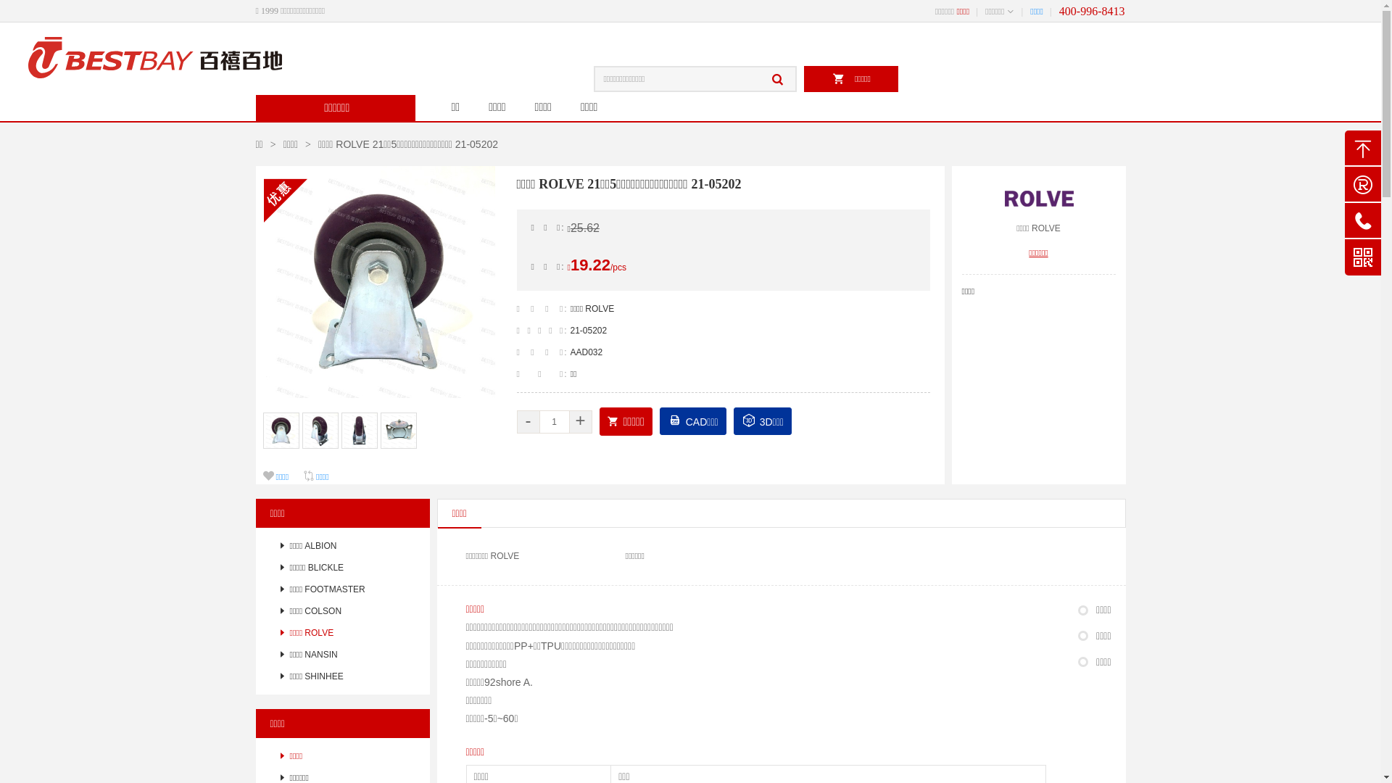 This screenshot has width=1392, height=783. Describe the element at coordinates (515, 422) in the screenshot. I see `'-'` at that location.